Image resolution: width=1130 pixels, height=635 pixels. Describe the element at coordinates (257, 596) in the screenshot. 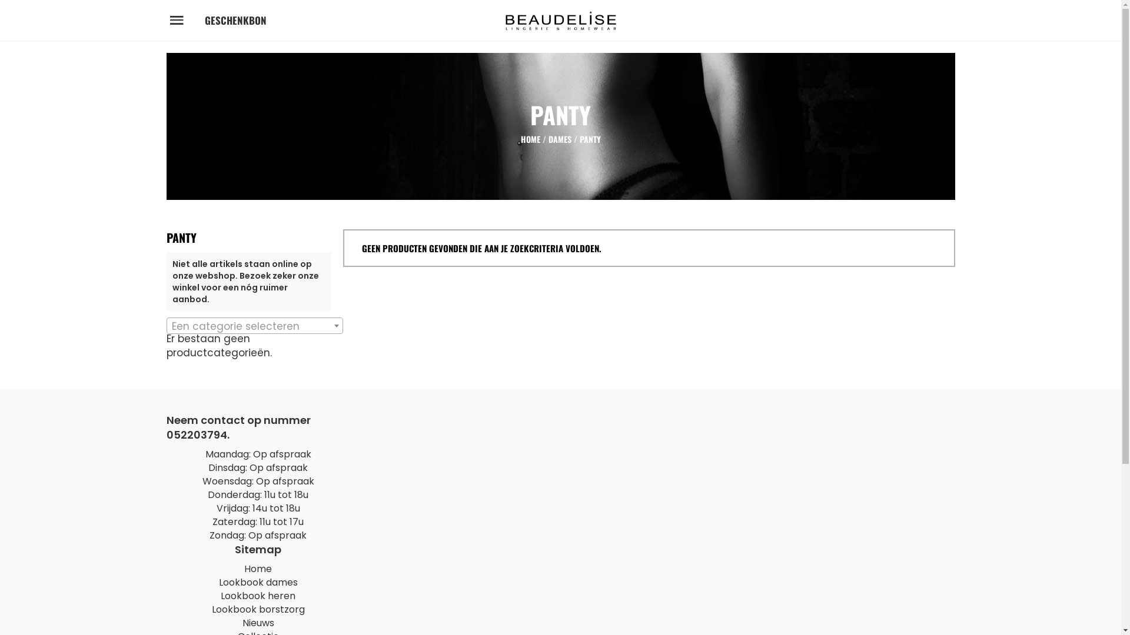

I see `'Lookbook heren'` at that location.